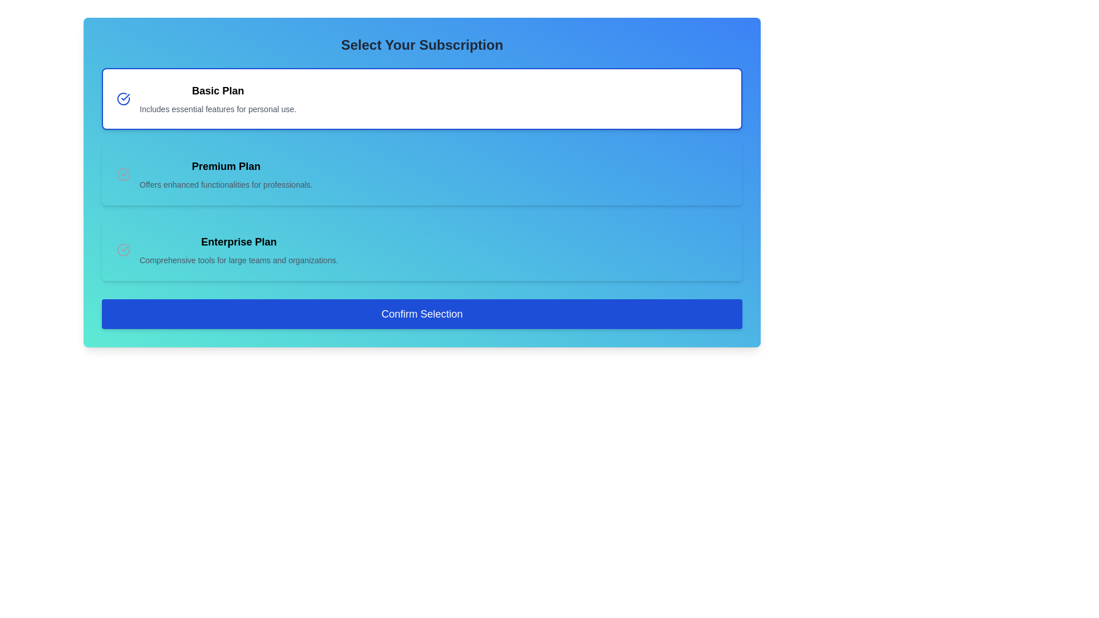 Image resolution: width=1099 pixels, height=618 pixels. What do you see at coordinates (124, 174) in the screenshot?
I see `the circular checkmark icon for the 'Premium Plan' subscription option to understand the plan's selection` at bounding box center [124, 174].